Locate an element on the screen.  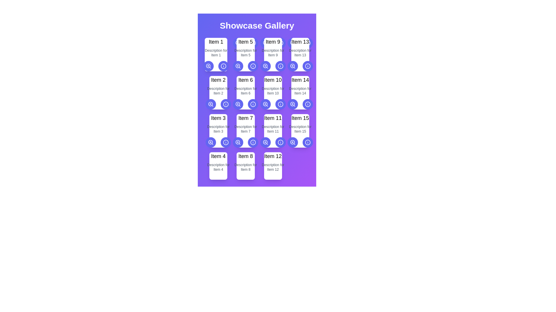
the information button icon located in the bottom-right corner of the cell for 'Item 5' in the grid layout is located at coordinates (253, 66).